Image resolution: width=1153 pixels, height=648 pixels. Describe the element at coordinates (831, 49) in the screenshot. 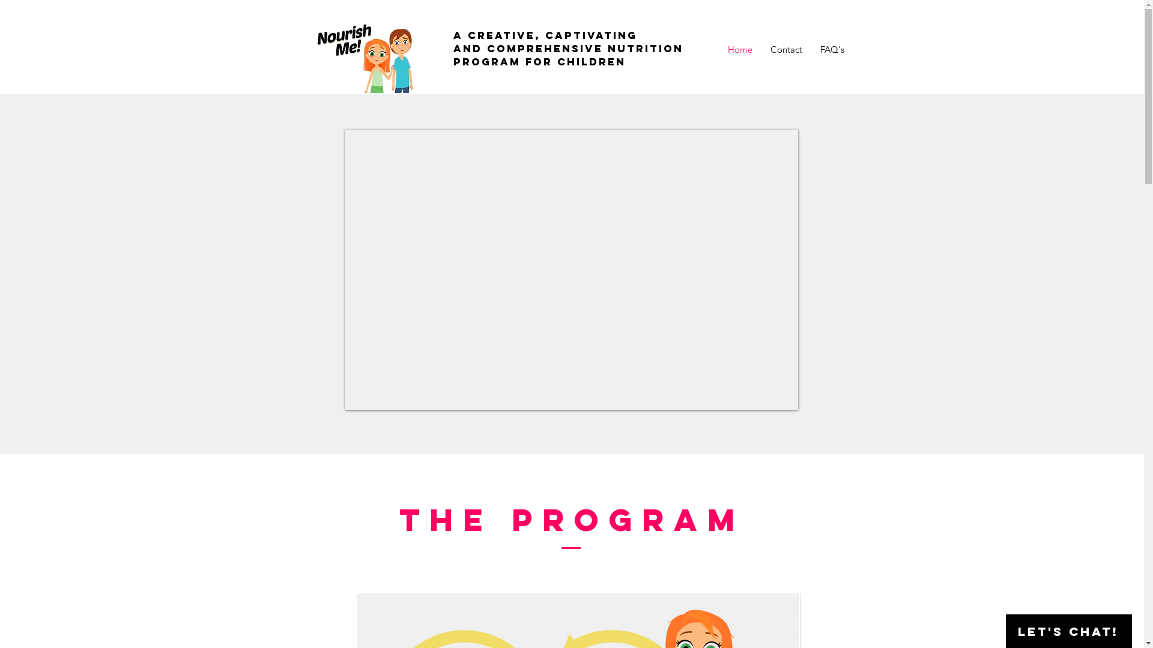

I see `'FAQ's'` at that location.